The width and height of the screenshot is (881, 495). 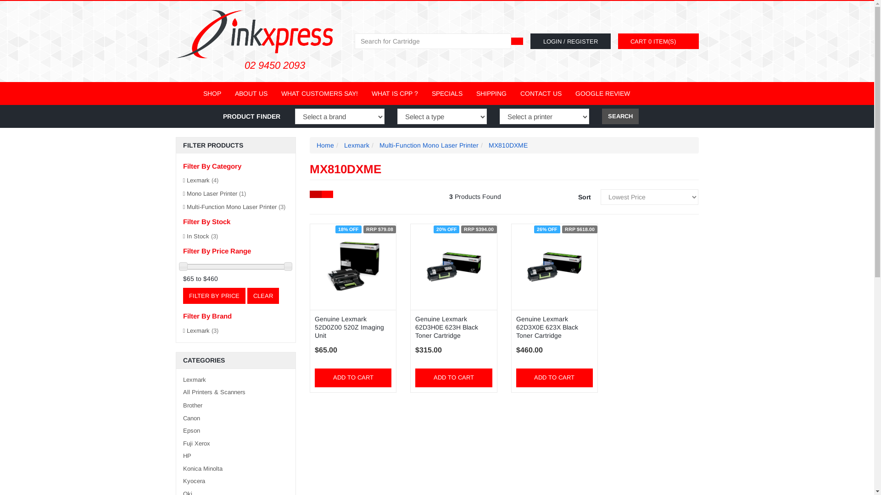 What do you see at coordinates (251, 93) in the screenshot?
I see `'ABOUT US'` at bounding box center [251, 93].